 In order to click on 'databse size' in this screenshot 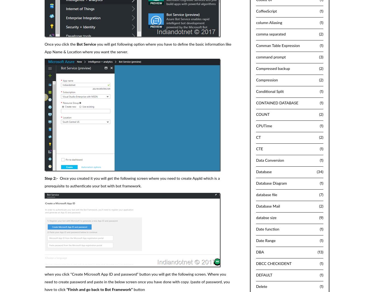, I will do `click(266, 218)`.